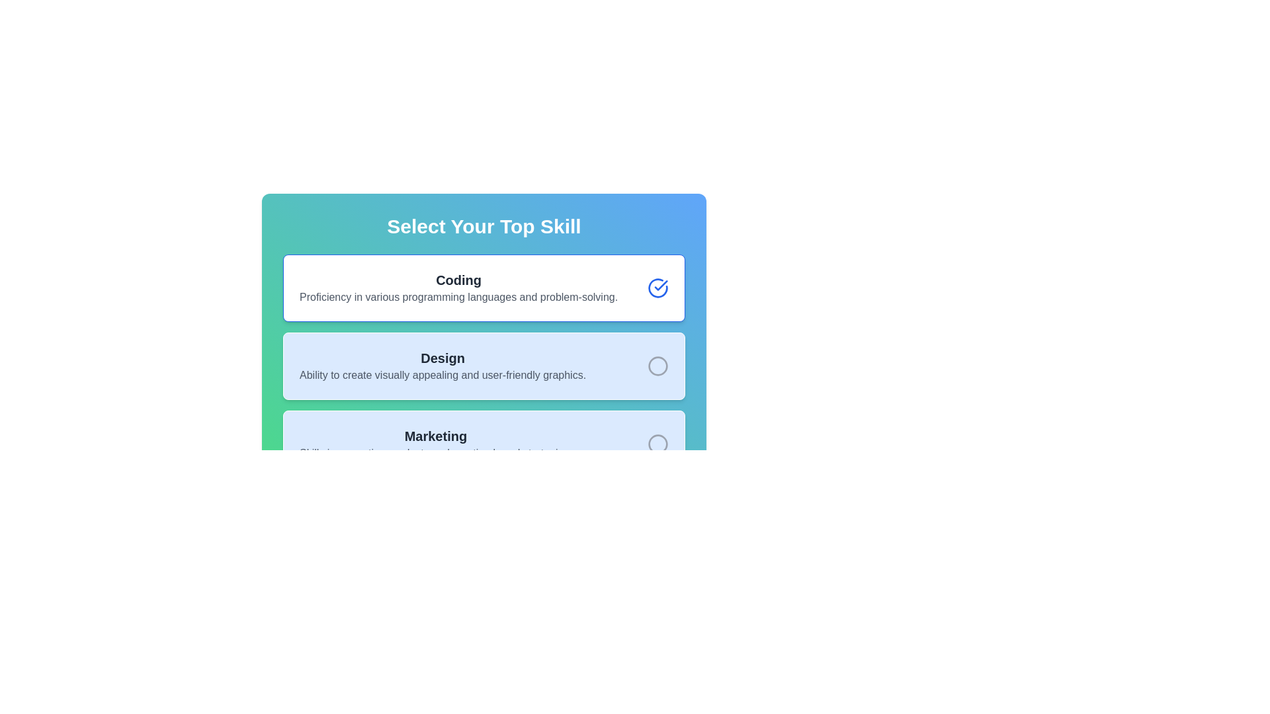  What do you see at coordinates (458, 297) in the screenshot?
I see `the static text stating 'Proficiency in various programming languages and problem-solving.' which is located below the 'Coding' header` at bounding box center [458, 297].